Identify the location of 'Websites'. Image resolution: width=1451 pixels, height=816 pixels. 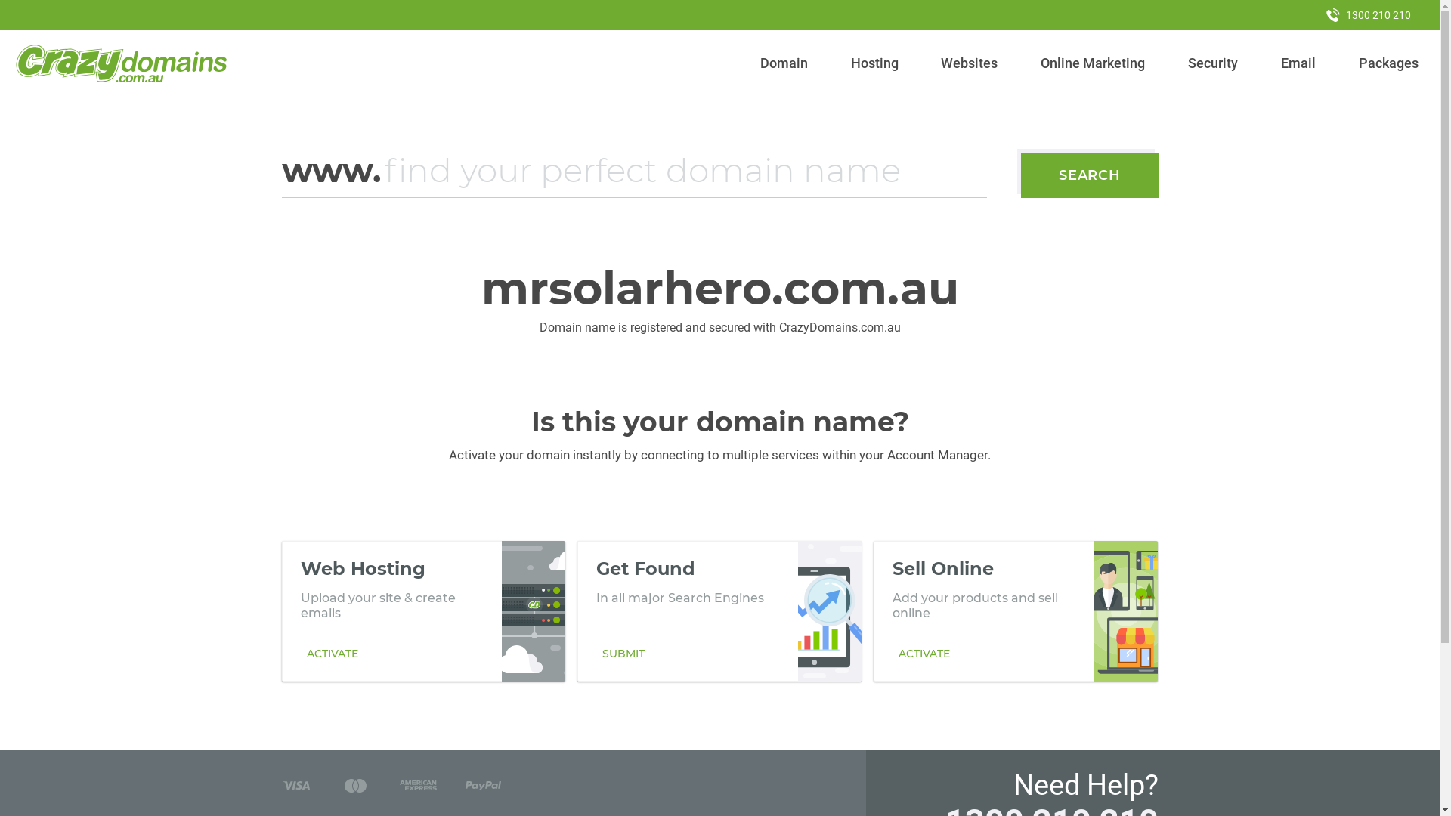
(934, 63).